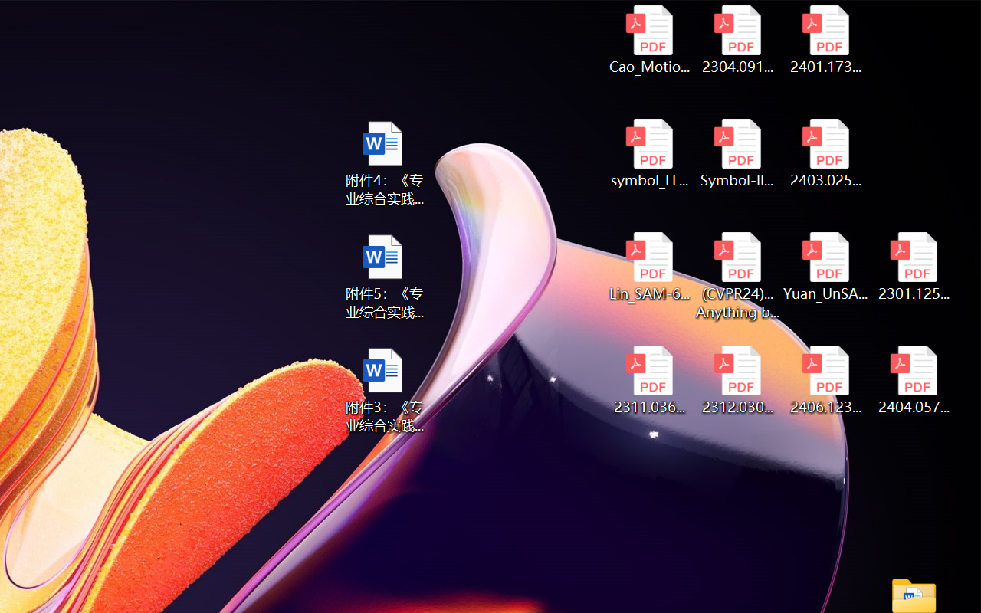 This screenshot has height=613, width=981. What do you see at coordinates (737, 153) in the screenshot?
I see `'Symbol-llm-v2.pdf'` at bounding box center [737, 153].